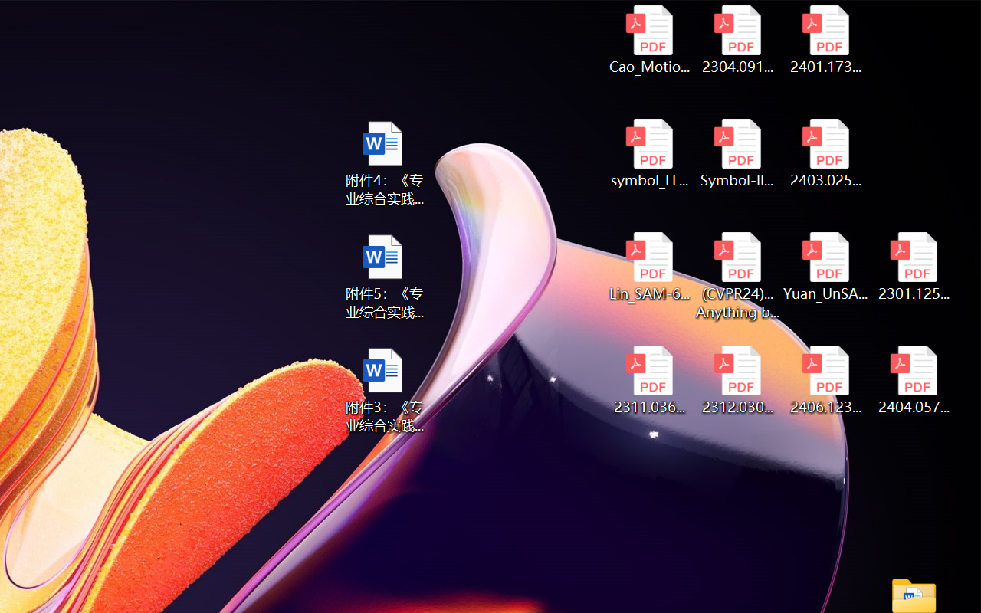 This screenshot has height=613, width=981. What do you see at coordinates (737, 153) in the screenshot?
I see `'Symbol-llm-v2.pdf'` at bounding box center [737, 153].